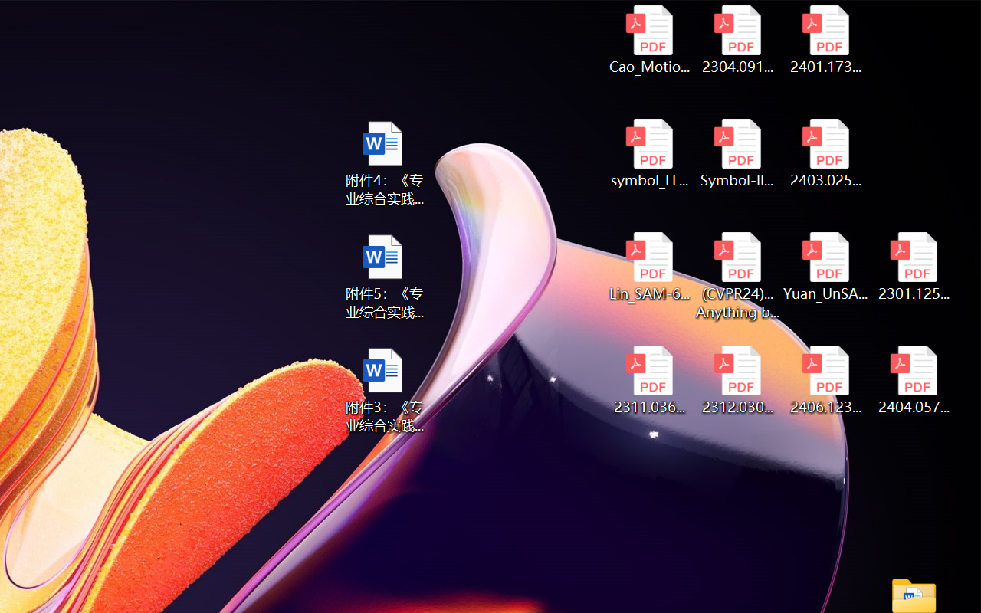 This screenshot has height=613, width=981. What do you see at coordinates (737, 153) in the screenshot?
I see `'Symbol-llm-v2.pdf'` at bounding box center [737, 153].